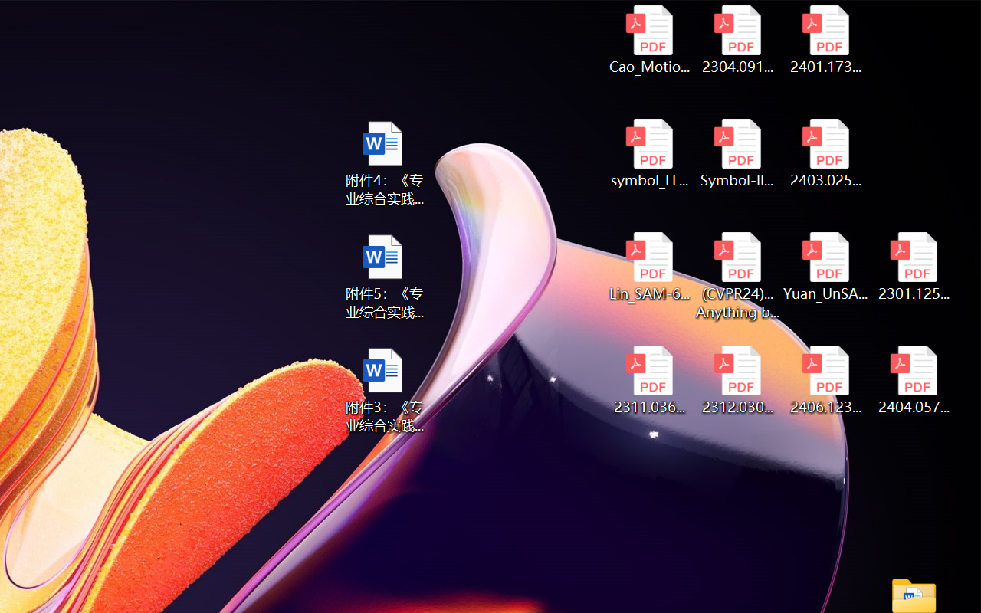 This screenshot has height=613, width=981. What do you see at coordinates (737, 153) in the screenshot?
I see `'Symbol-llm-v2.pdf'` at bounding box center [737, 153].